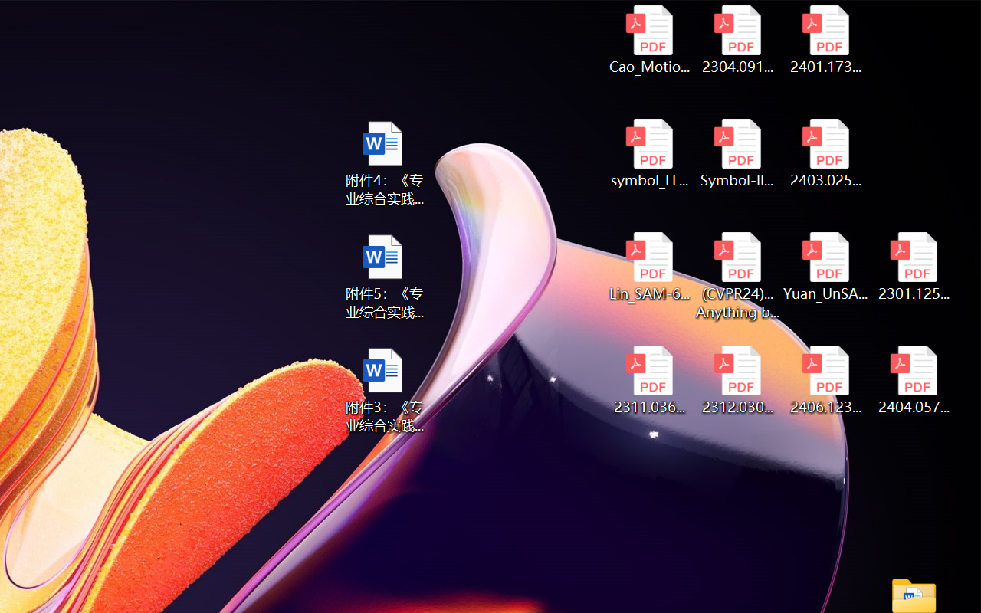 This screenshot has height=613, width=981. What do you see at coordinates (737, 153) in the screenshot?
I see `'Symbol-llm-v2.pdf'` at bounding box center [737, 153].